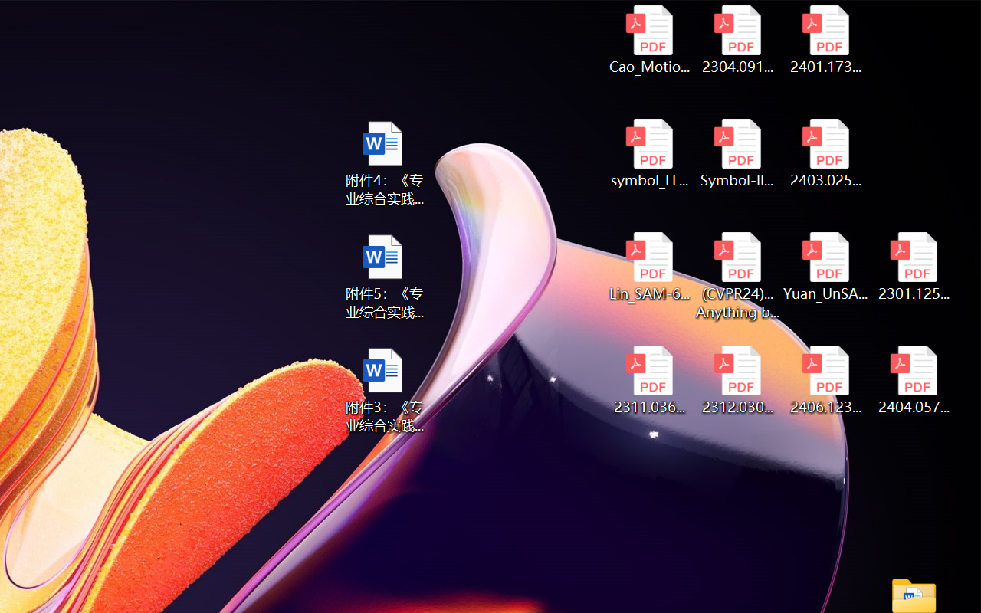 This screenshot has height=613, width=981. What do you see at coordinates (737, 153) in the screenshot?
I see `'Symbol-llm-v2.pdf'` at bounding box center [737, 153].